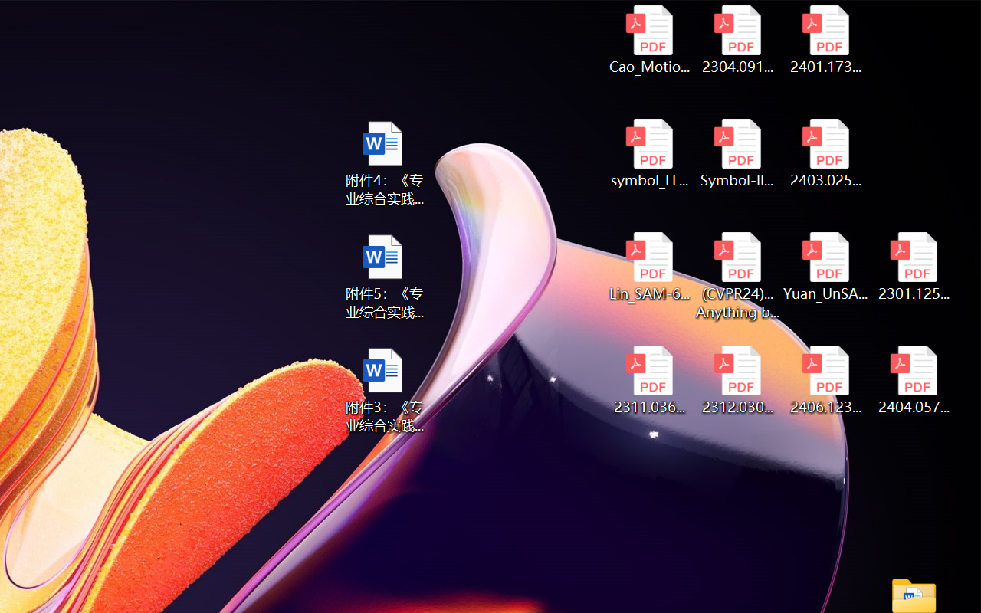 This screenshot has height=613, width=981. What do you see at coordinates (737, 153) in the screenshot?
I see `'Symbol-llm-v2.pdf'` at bounding box center [737, 153].